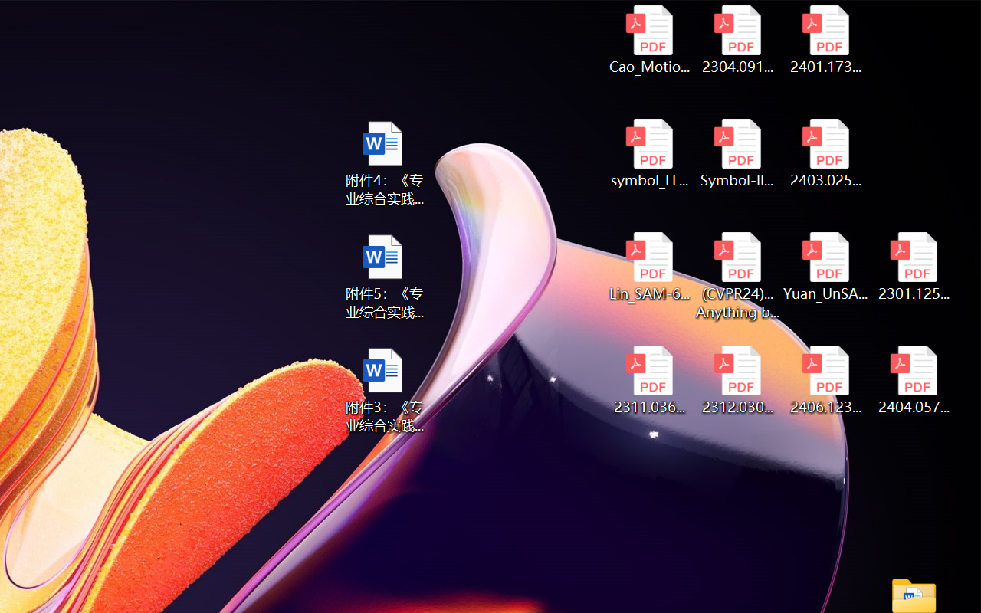 This screenshot has height=613, width=981. What do you see at coordinates (737, 153) in the screenshot?
I see `'Symbol-llm-v2.pdf'` at bounding box center [737, 153].